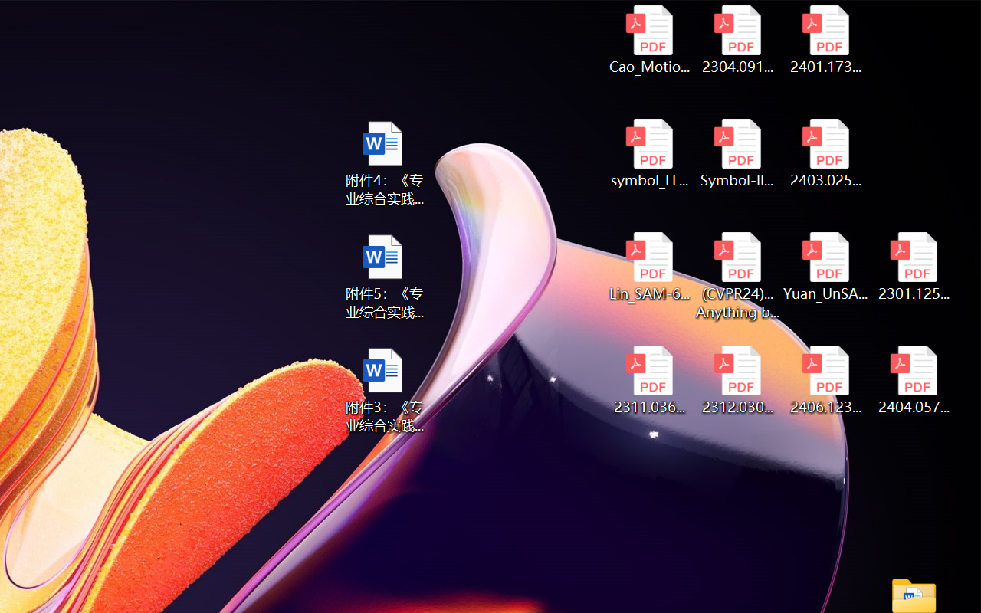 This screenshot has height=613, width=981. What do you see at coordinates (737, 153) in the screenshot?
I see `'Symbol-llm-v2.pdf'` at bounding box center [737, 153].